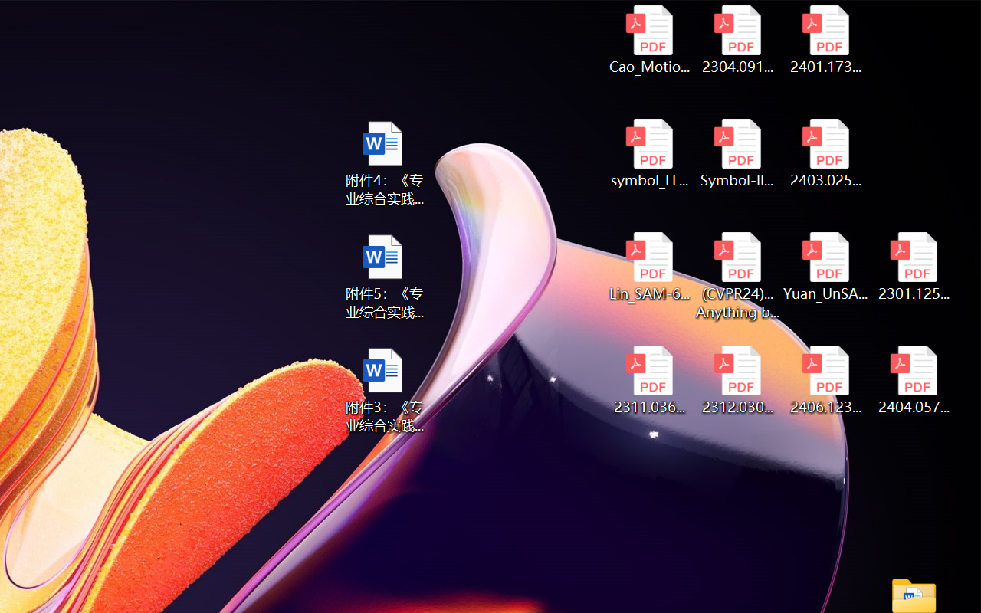 This screenshot has height=613, width=981. What do you see at coordinates (737, 153) in the screenshot?
I see `'Symbol-llm-v2.pdf'` at bounding box center [737, 153].